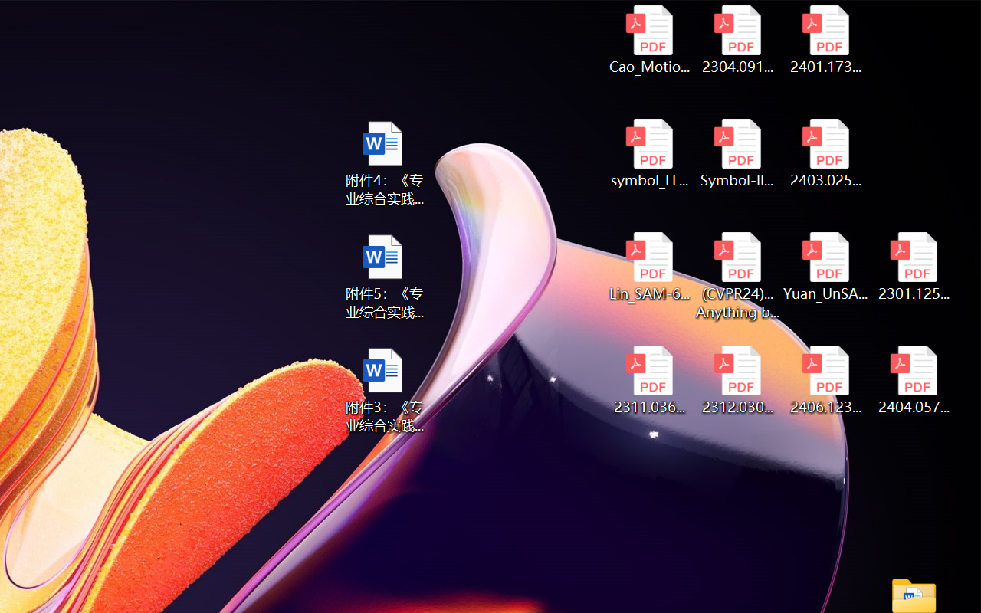 This screenshot has height=613, width=981. What do you see at coordinates (737, 153) in the screenshot?
I see `'Symbol-llm-v2.pdf'` at bounding box center [737, 153].